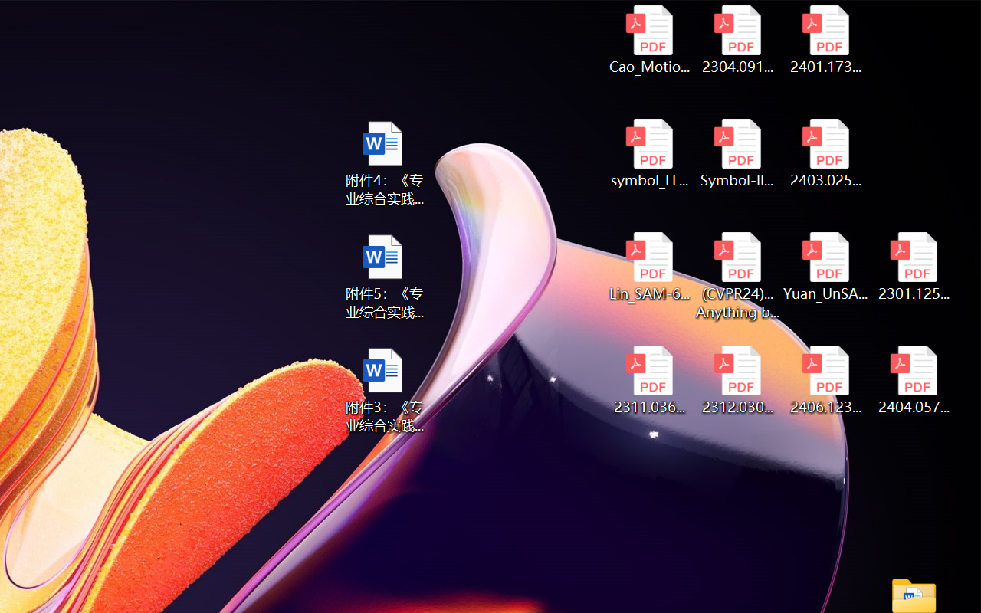 This screenshot has height=613, width=981. What do you see at coordinates (737, 153) in the screenshot?
I see `'Symbol-llm-v2.pdf'` at bounding box center [737, 153].